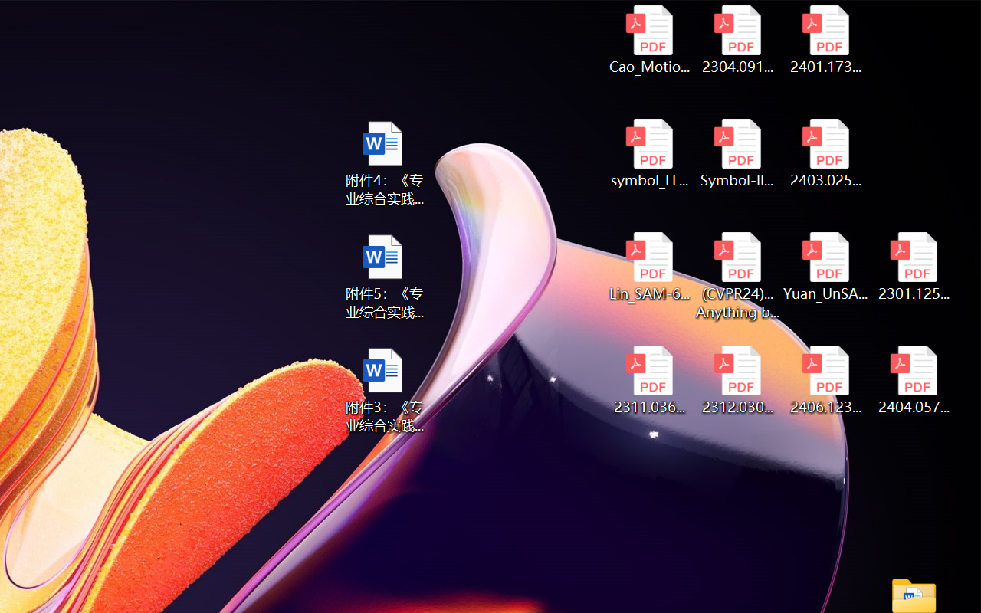 This screenshot has height=613, width=981. What do you see at coordinates (737, 153) in the screenshot?
I see `'Symbol-llm-v2.pdf'` at bounding box center [737, 153].